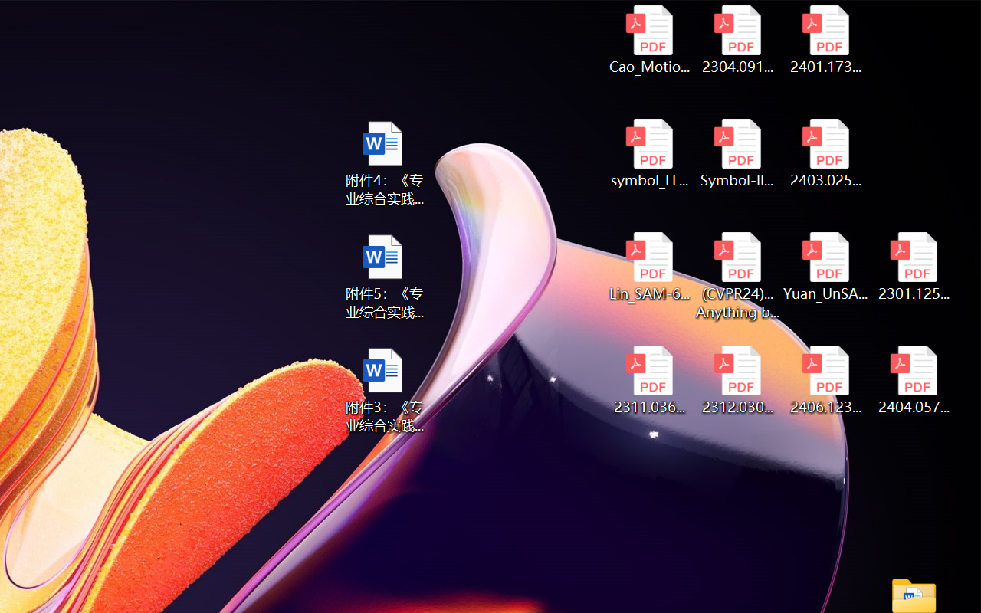 This screenshot has height=613, width=981. What do you see at coordinates (737, 153) in the screenshot?
I see `'Symbol-llm-v2.pdf'` at bounding box center [737, 153].